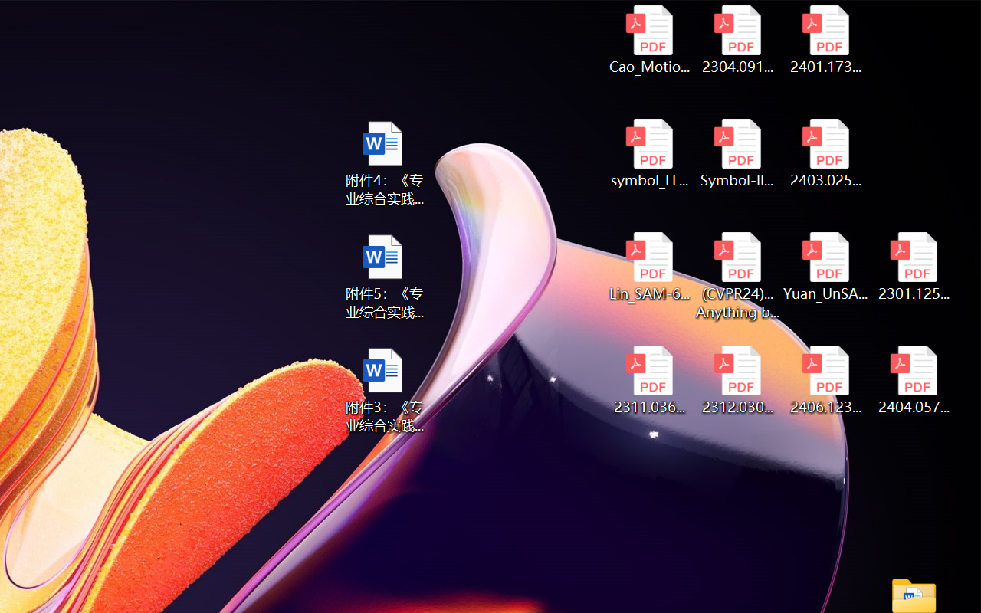 This screenshot has height=613, width=981. What do you see at coordinates (737, 153) in the screenshot?
I see `'Symbol-llm-v2.pdf'` at bounding box center [737, 153].